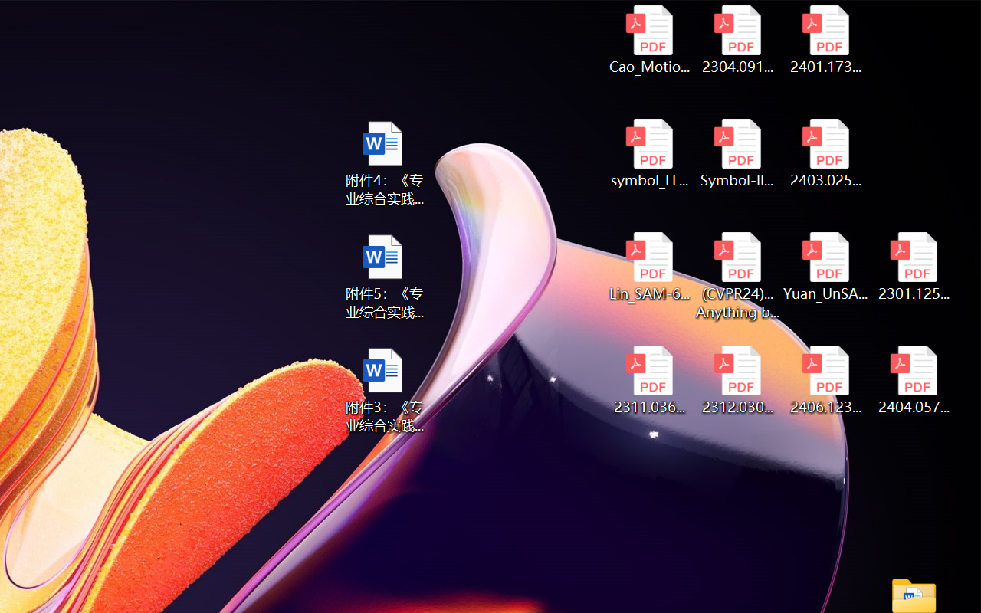 This screenshot has height=613, width=981. What do you see at coordinates (737, 153) in the screenshot?
I see `'Symbol-llm-v2.pdf'` at bounding box center [737, 153].